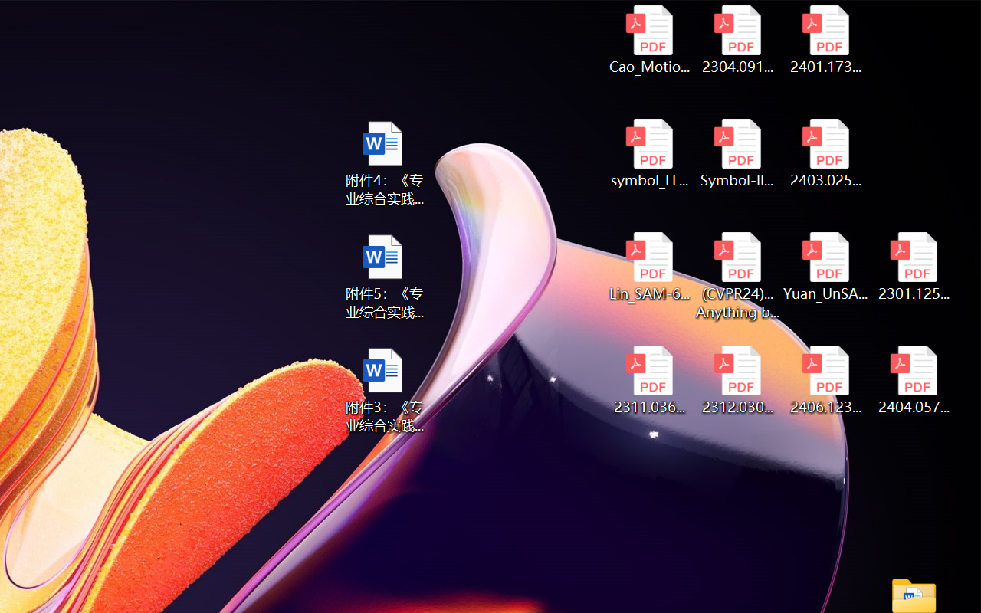 This screenshot has height=613, width=981. What do you see at coordinates (737, 153) in the screenshot?
I see `'Symbol-llm-v2.pdf'` at bounding box center [737, 153].